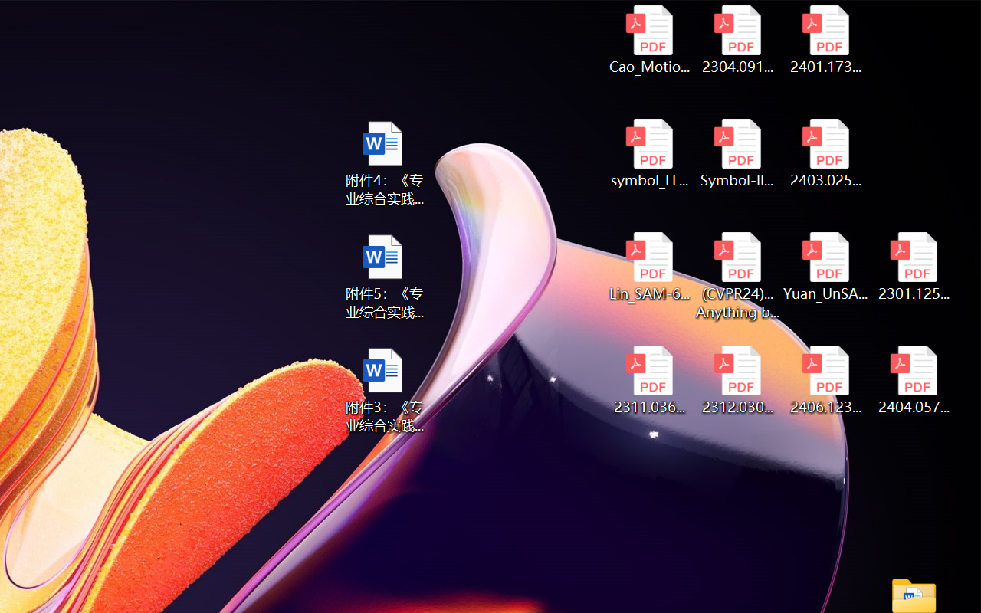 This screenshot has height=613, width=981. What do you see at coordinates (737, 153) in the screenshot?
I see `'Symbol-llm-v2.pdf'` at bounding box center [737, 153].